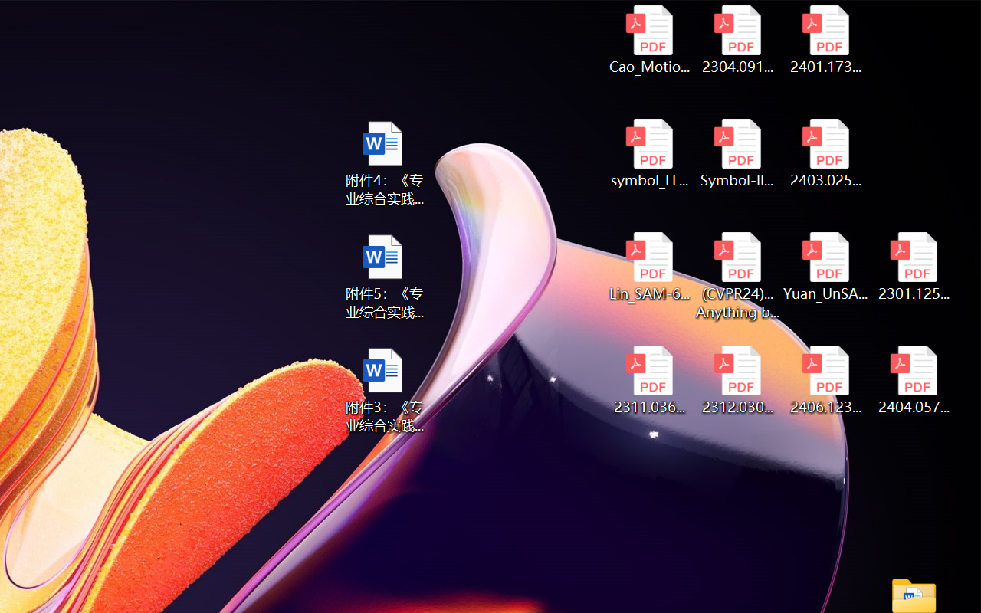 This screenshot has height=613, width=981. What do you see at coordinates (737, 153) in the screenshot?
I see `'Symbol-llm-v2.pdf'` at bounding box center [737, 153].